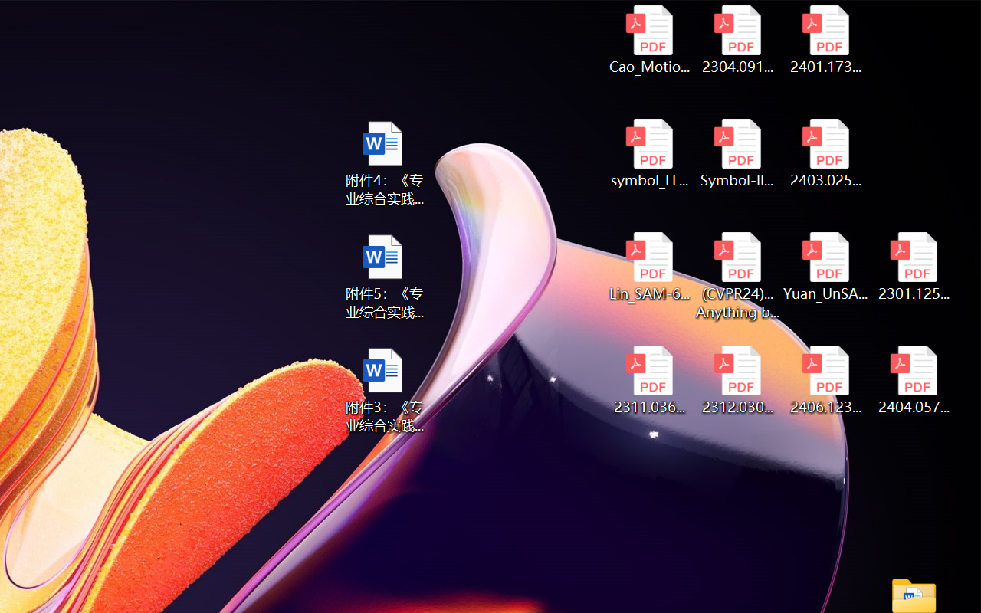 This screenshot has height=613, width=981. What do you see at coordinates (737, 153) in the screenshot?
I see `'Symbol-llm-v2.pdf'` at bounding box center [737, 153].